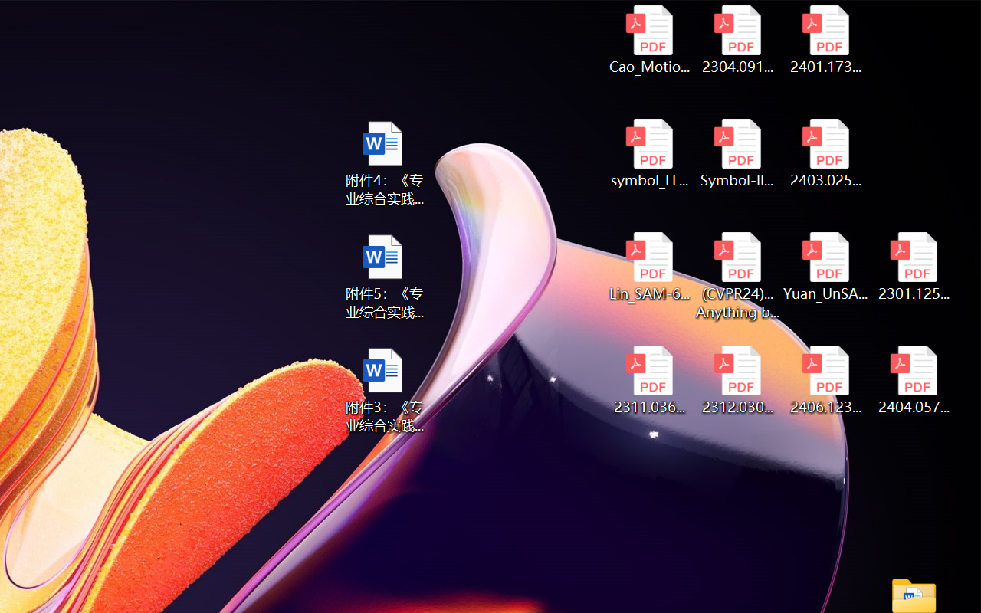 This screenshot has height=613, width=981. What do you see at coordinates (737, 153) in the screenshot?
I see `'Symbol-llm-v2.pdf'` at bounding box center [737, 153].